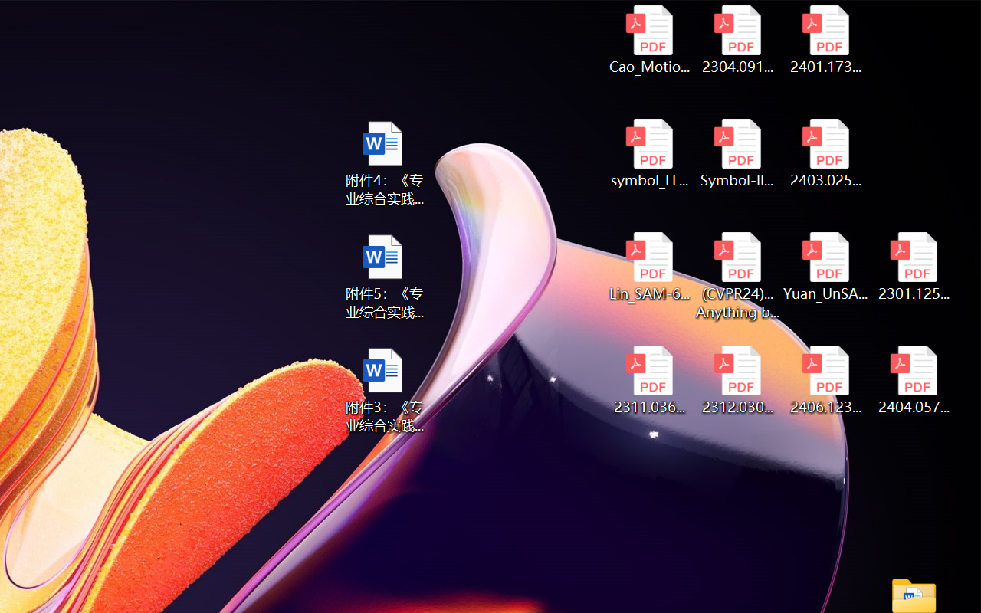 This screenshot has height=613, width=981. What do you see at coordinates (737, 153) in the screenshot?
I see `'Symbol-llm-v2.pdf'` at bounding box center [737, 153].